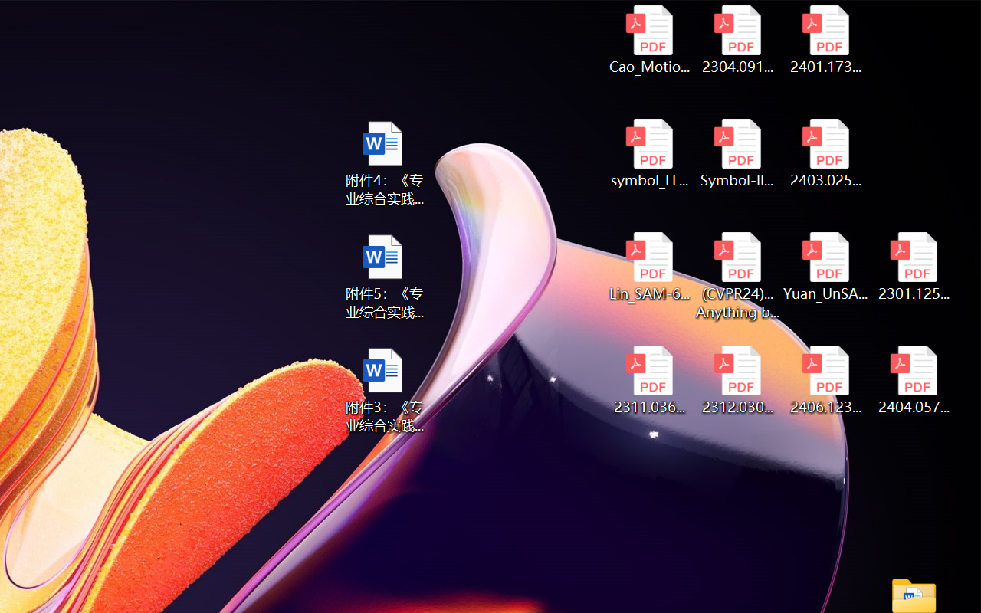 This screenshot has height=613, width=981. What do you see at coordinates (737, 153) in the screenshot?
I see `'Symbol-llm-v2.pdf'` at bounding box center [737, 153].